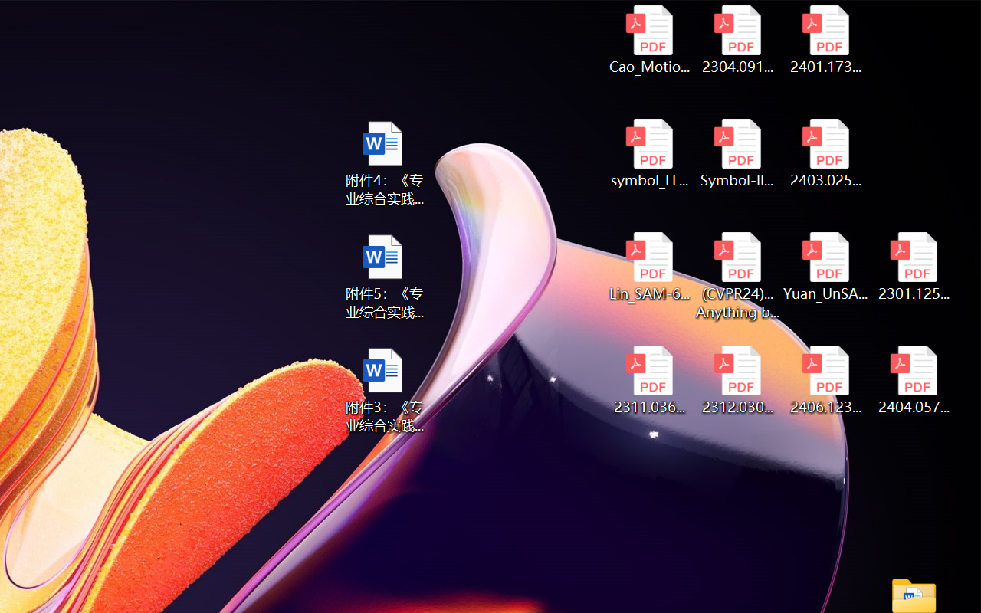 This screenshot has height=613, width=981. What do you see at coordinates (737, 153) in the screenshot?
I see `'Symbol-llm-v2.pdf'` at bounding box center [737, 153].